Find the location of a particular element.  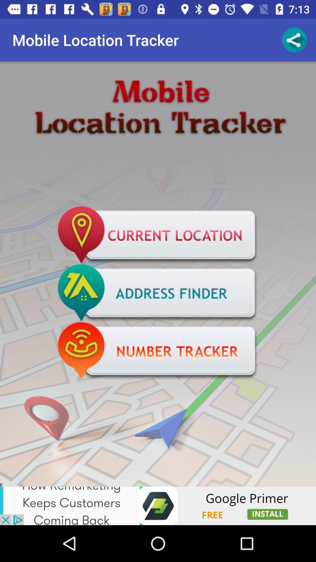

number tracker is located at coordinates (158, 351).